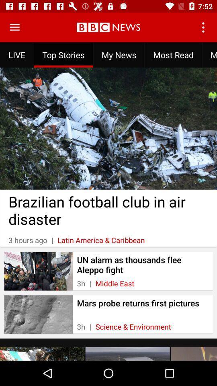 The image size is (217, 386). What do you see at coordinates (14, 27) in the screenshot?
I see `menu` at bounding box center [14, 27].